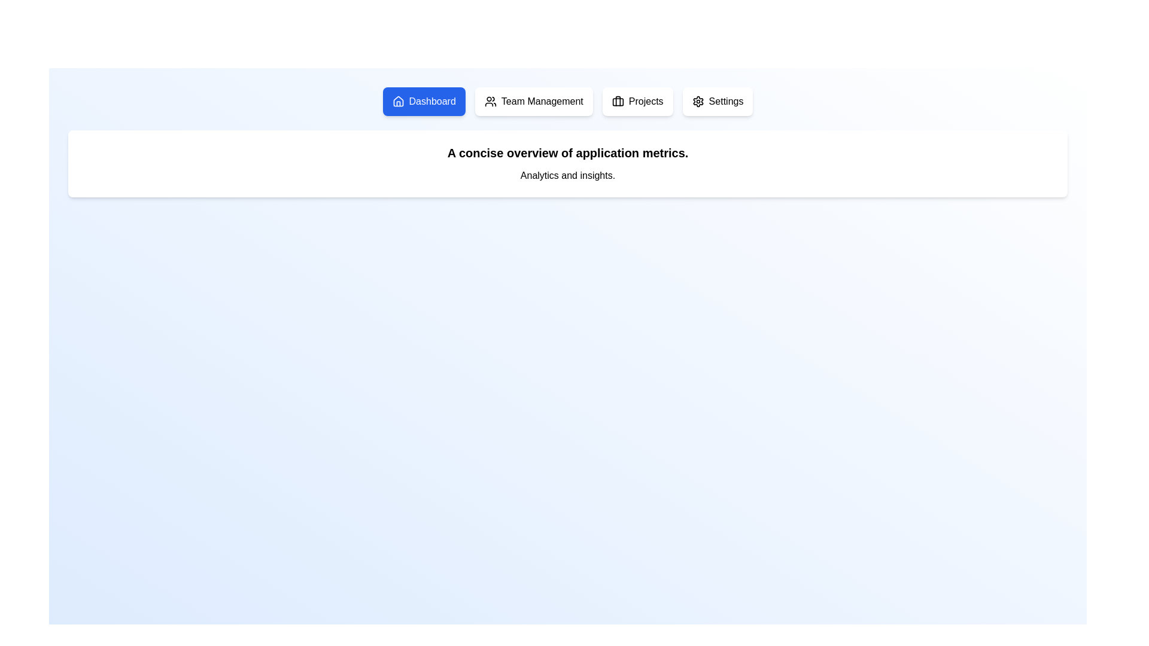 The width and height of the screenshot is (1149, 646). What do you see at coordinates (637, 100) in the screenshot?
I see `the navigational button for 'Projects'` at bounding box center [637, 100].